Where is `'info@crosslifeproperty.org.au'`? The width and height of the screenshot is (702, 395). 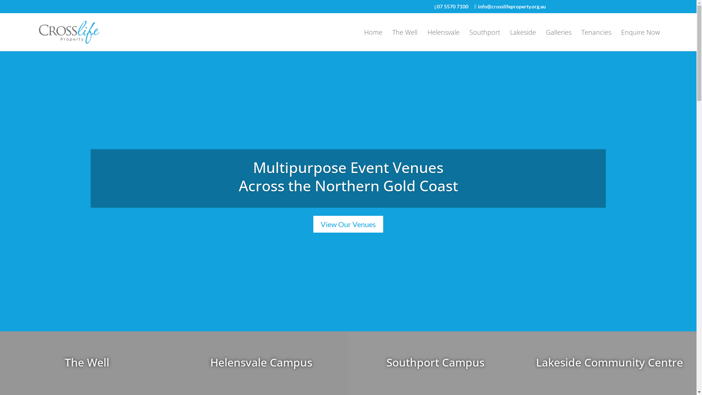
'info@crosslifeproperty.org.au' is located at coordinates (509, 6).